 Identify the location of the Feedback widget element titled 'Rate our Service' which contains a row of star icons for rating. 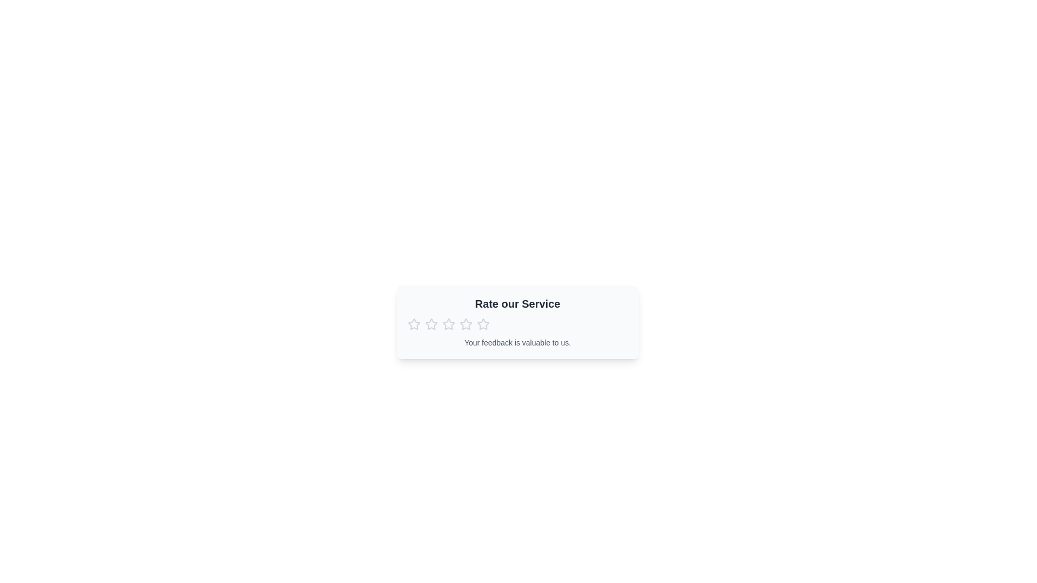
(517, 322).